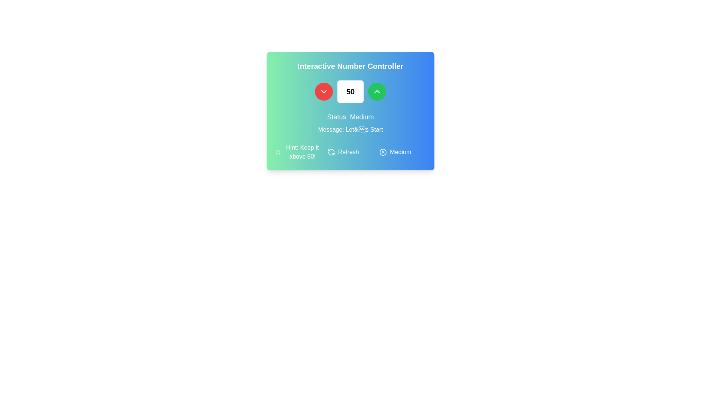 The image size is (719, 404). I want to click on the numeric value display element located between the red button with a downward arrow and the green button with an upward arrow, so click(350, 91).